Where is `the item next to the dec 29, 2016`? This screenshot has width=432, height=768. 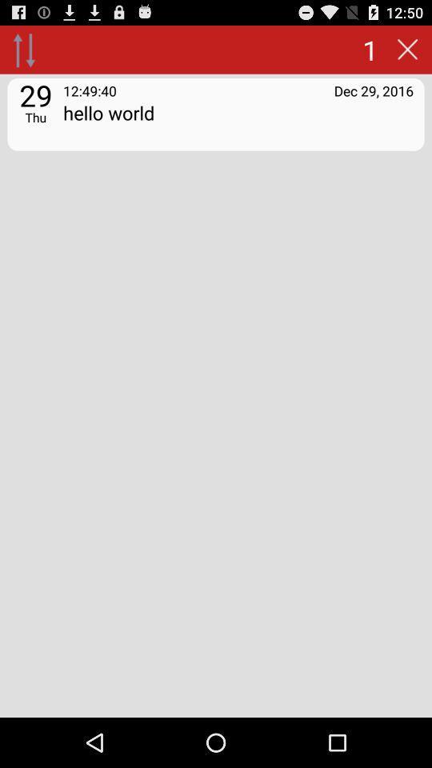
the item next to the dec 29, 2016 is located at coordinates (90, 90).